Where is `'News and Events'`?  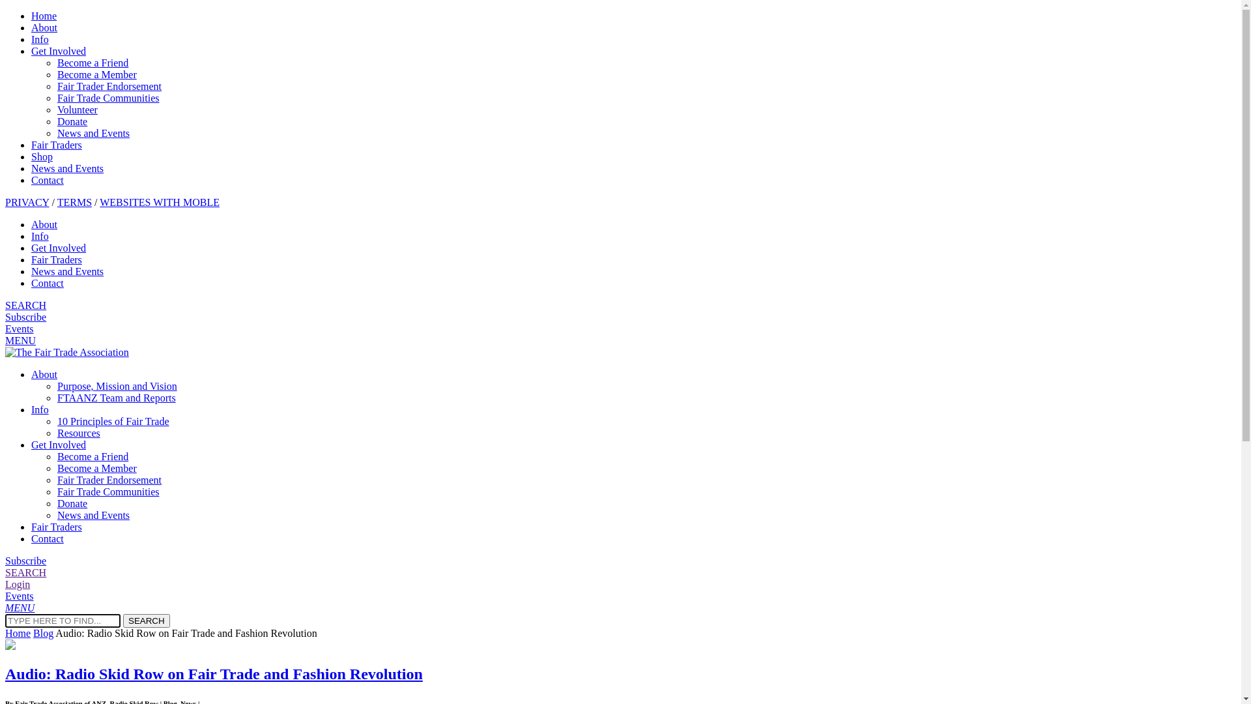 'News and Events' is located at coordinates (31, 271).